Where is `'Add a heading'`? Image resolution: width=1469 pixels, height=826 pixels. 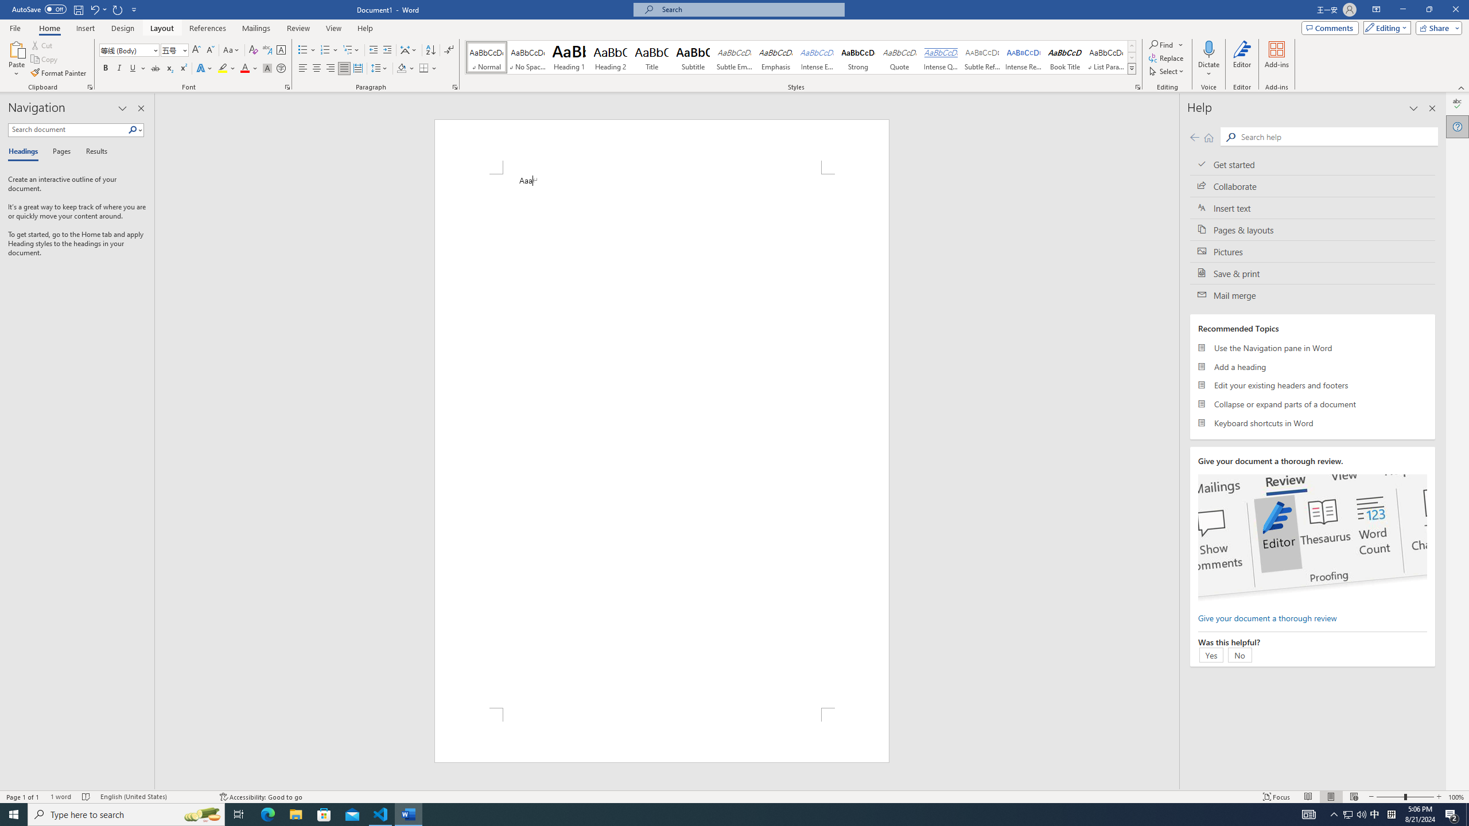
'Add a heading' is located at coordinates (1312, 367).